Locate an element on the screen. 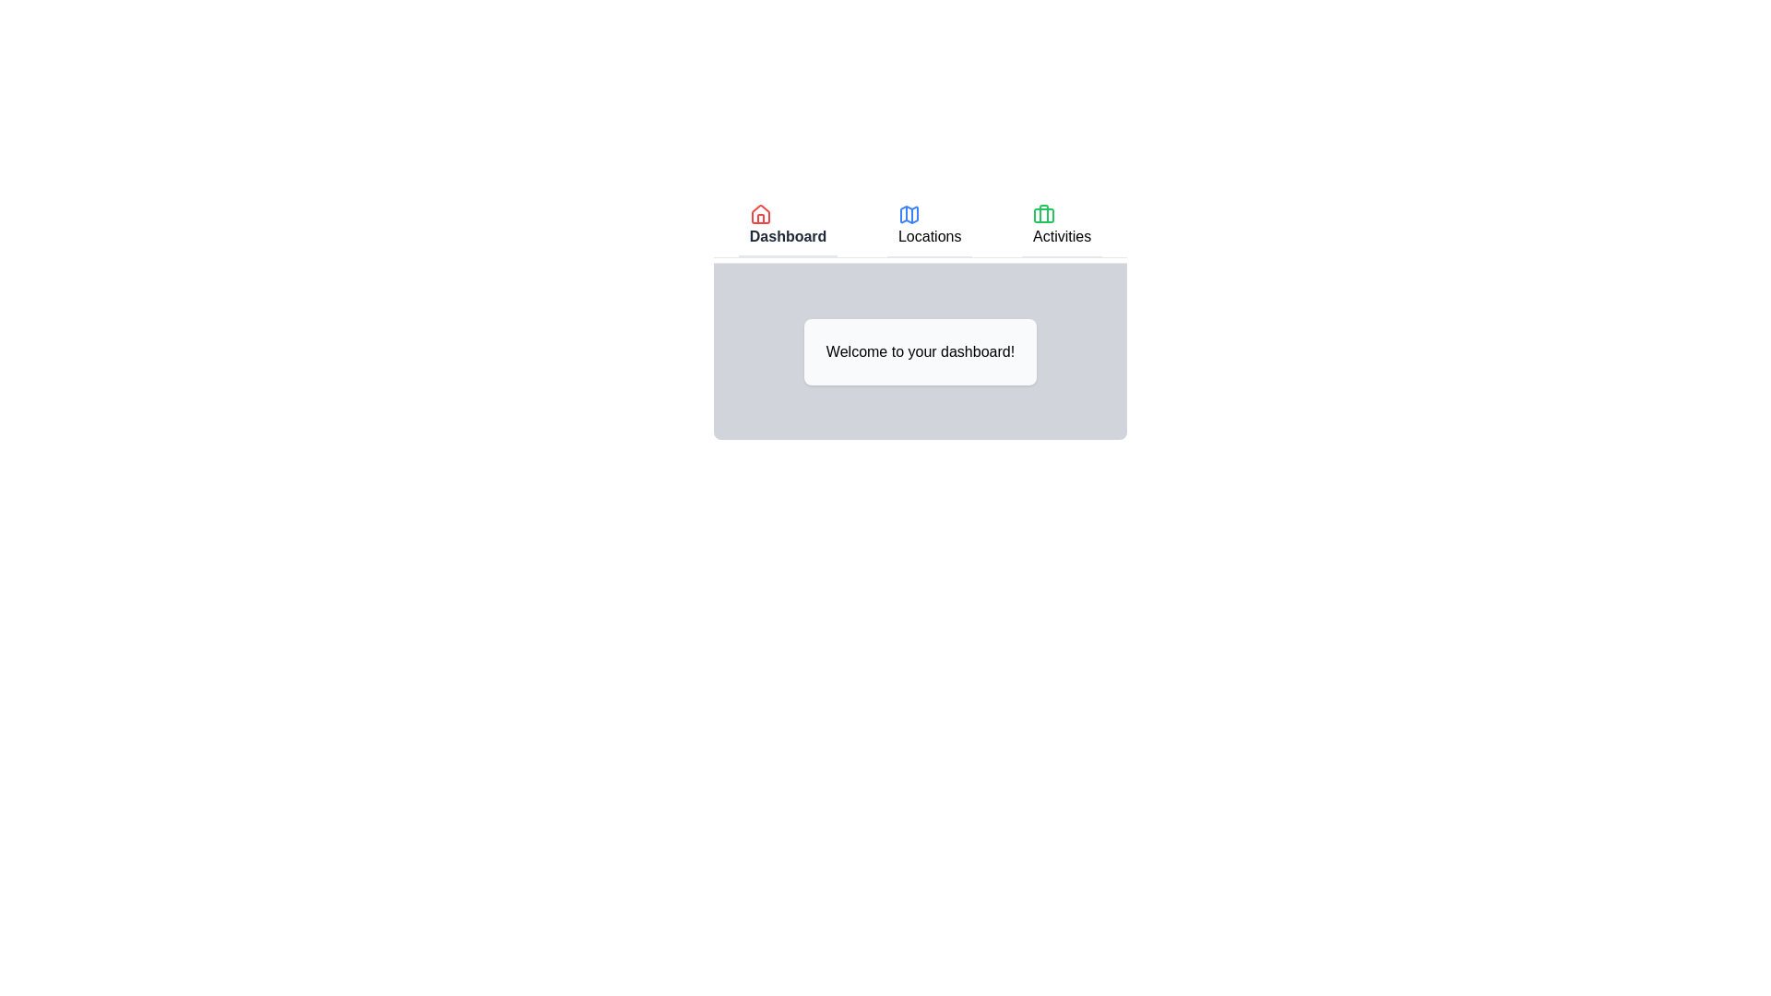 This screenshot has width=1771, height=996. the Activities tab to view its content is located at coordinates (1062, 226).